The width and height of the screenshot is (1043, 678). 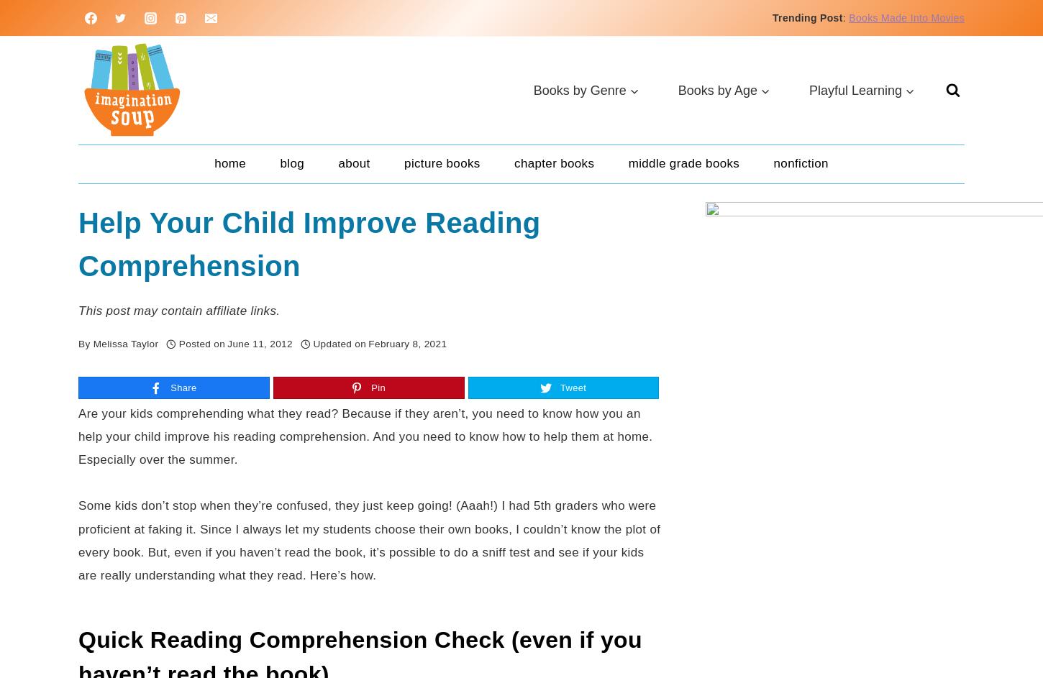 I want to click on 'Help Your Child Improve Reading Comprehension', so click(x=309, y=244).